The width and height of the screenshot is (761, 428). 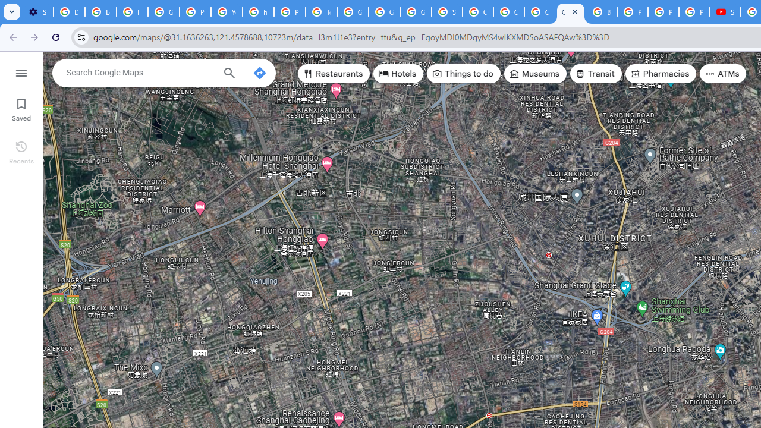 What do you see at coordinates (534, 74) in the screenshot?
I see `'Museums'` at bounding box center [534, 74].